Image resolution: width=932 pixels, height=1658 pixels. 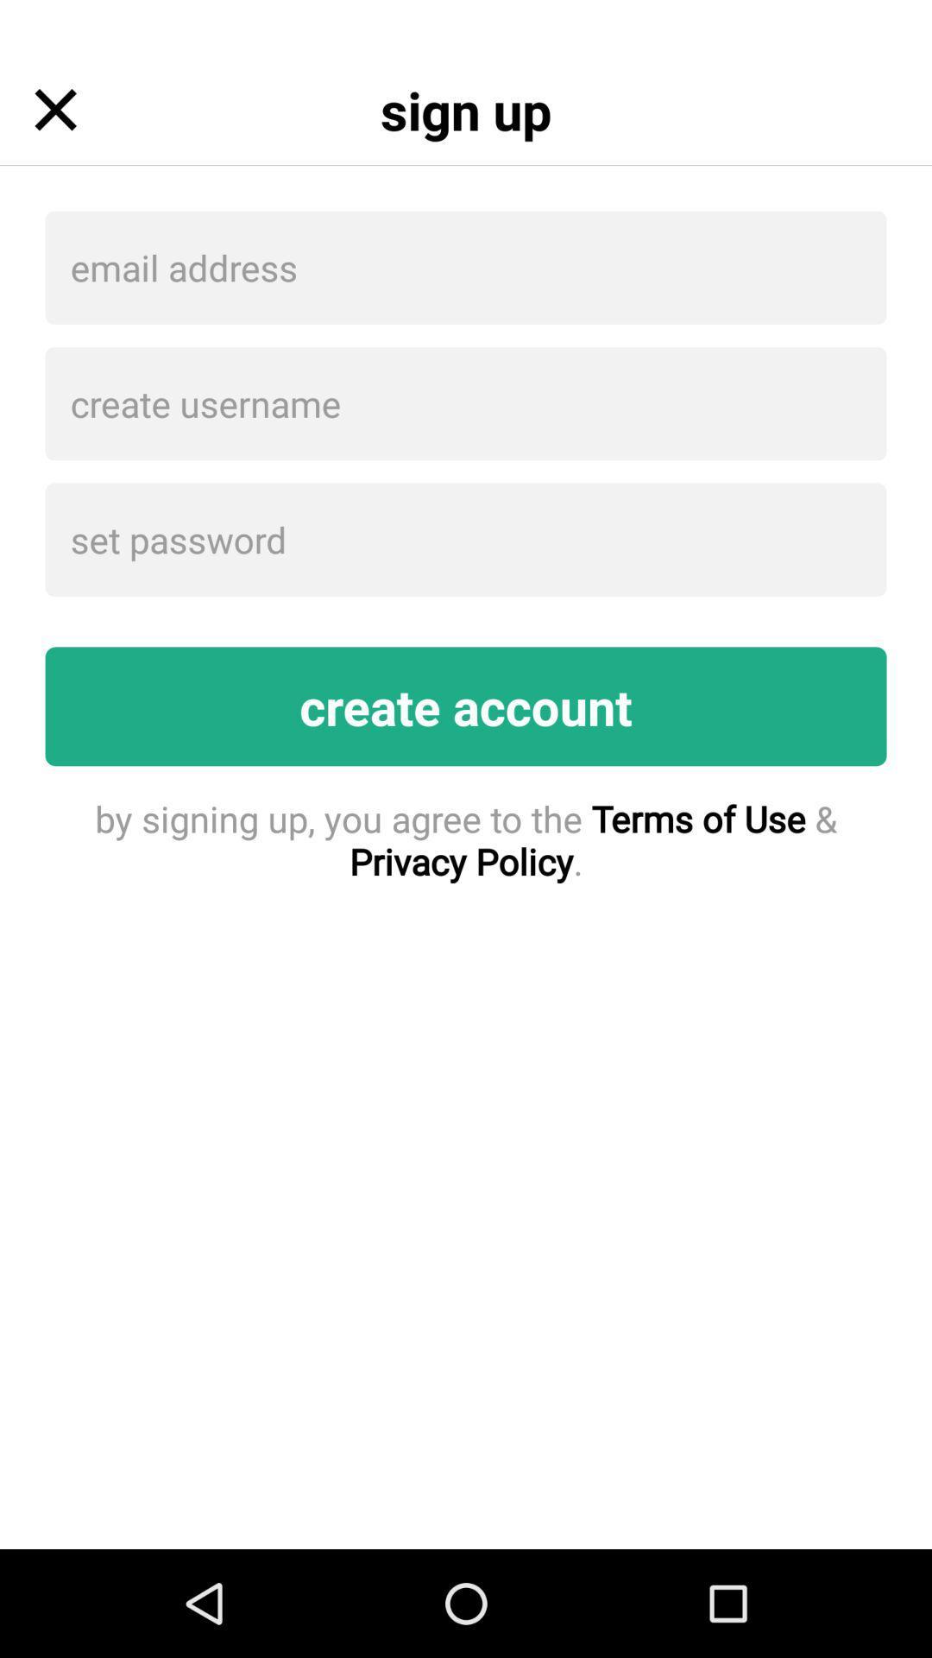 I want to click on create account item, so click(x=466, y=706).